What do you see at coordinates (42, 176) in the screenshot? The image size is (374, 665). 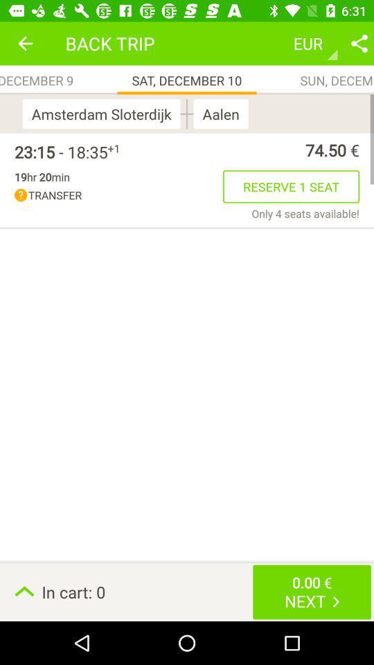 I see `the item below the 23 15 18 item` at bounding box center [42, 176].